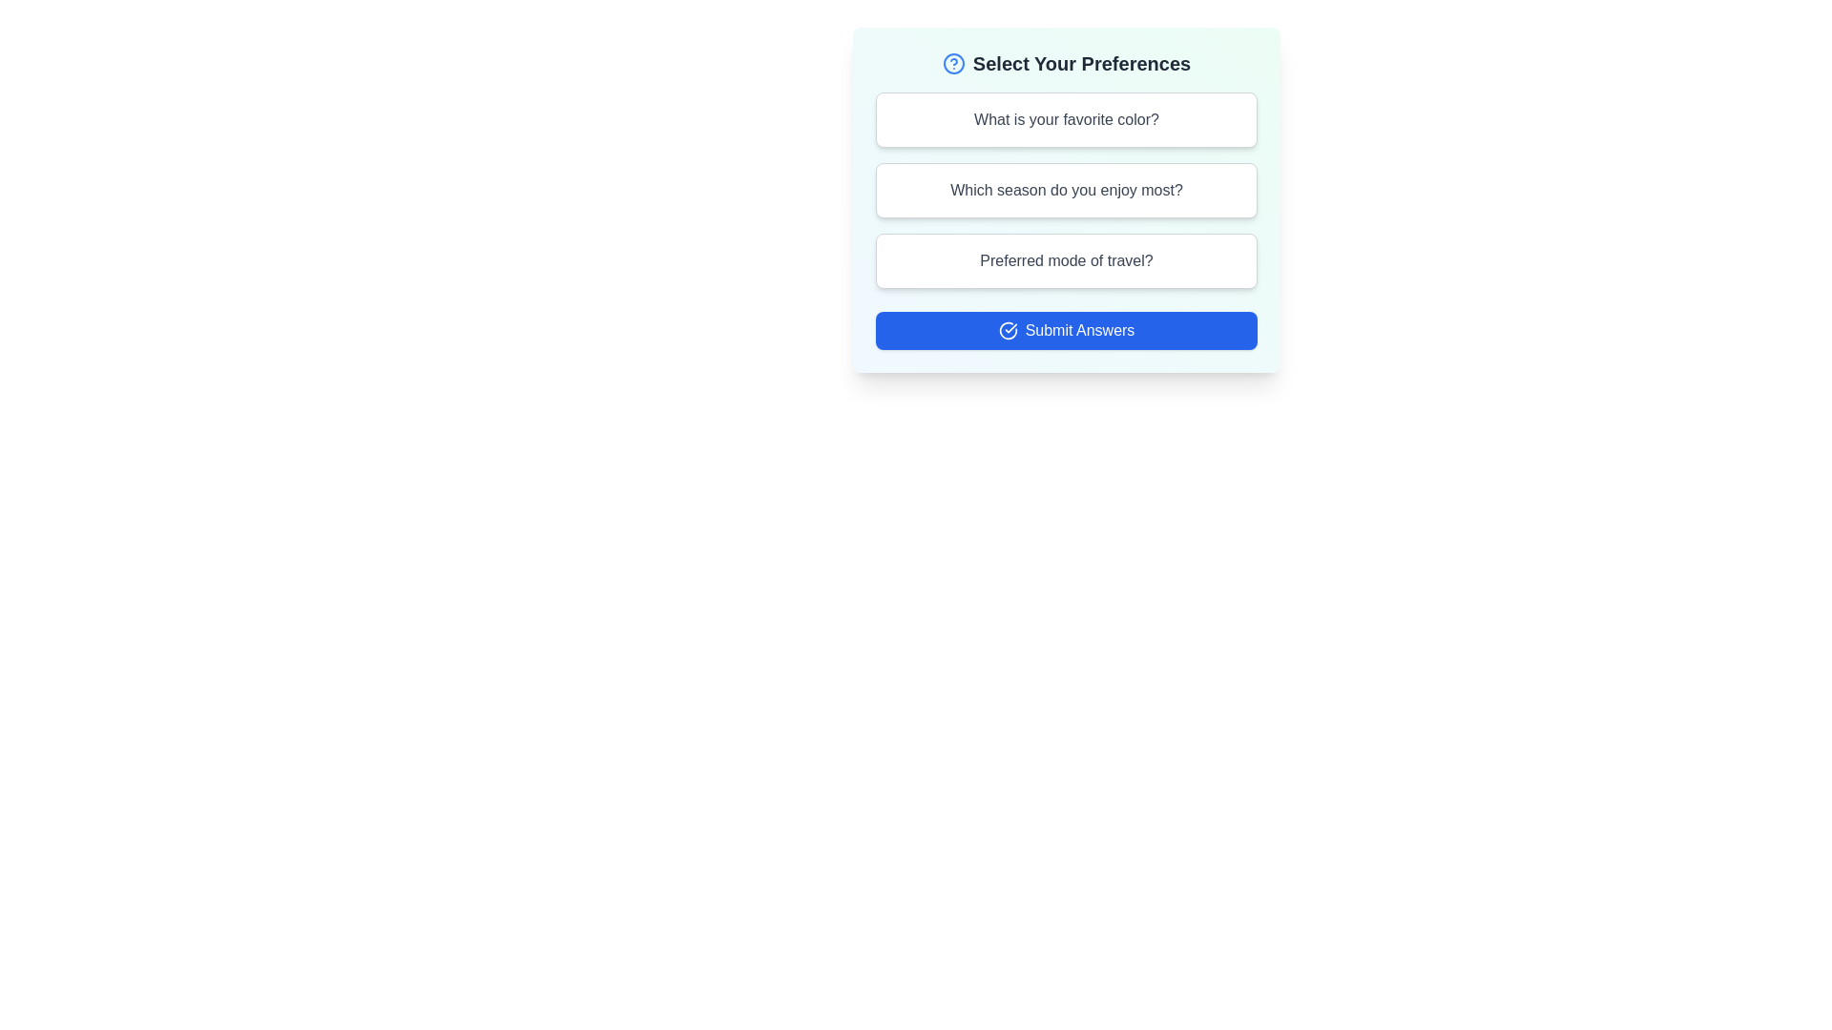 This screenshot has width=1832, height=1030. I want to click on the submit button to finalize the selections, so click(1066, 330).